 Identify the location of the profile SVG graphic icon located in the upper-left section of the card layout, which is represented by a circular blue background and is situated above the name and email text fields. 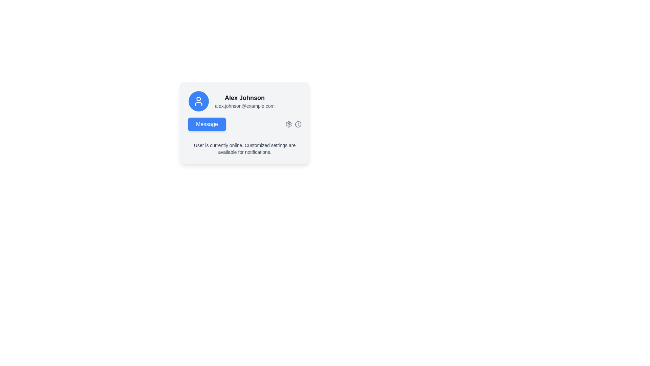
(198, 101).